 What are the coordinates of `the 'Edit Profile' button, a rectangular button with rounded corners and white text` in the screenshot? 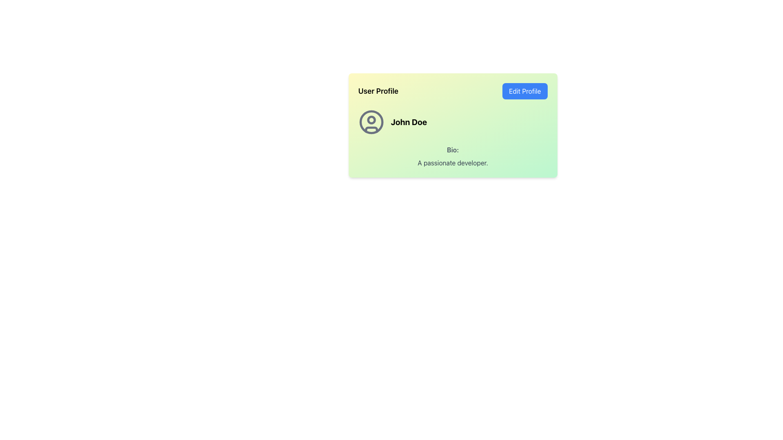 It's located at (525, 91).